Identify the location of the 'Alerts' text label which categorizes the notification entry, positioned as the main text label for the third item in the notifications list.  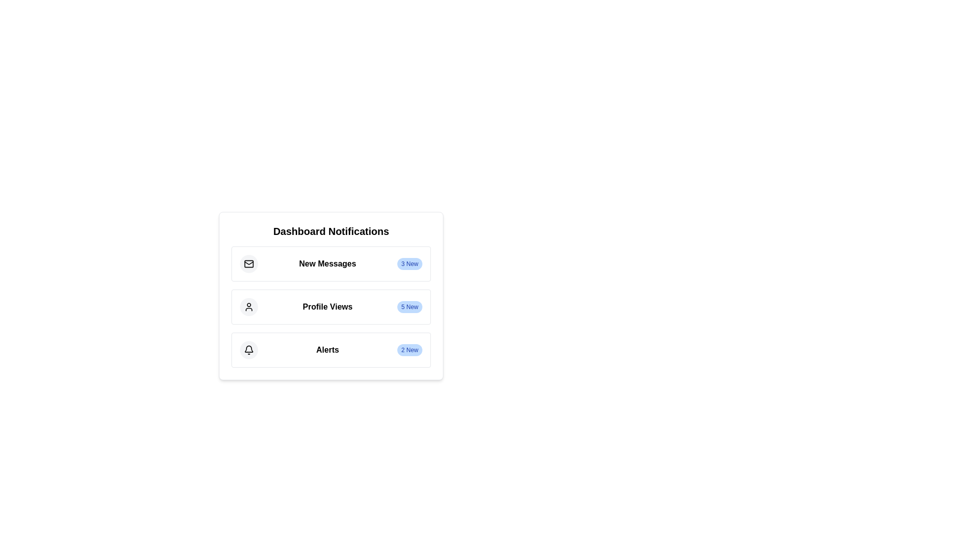
(327, 349).